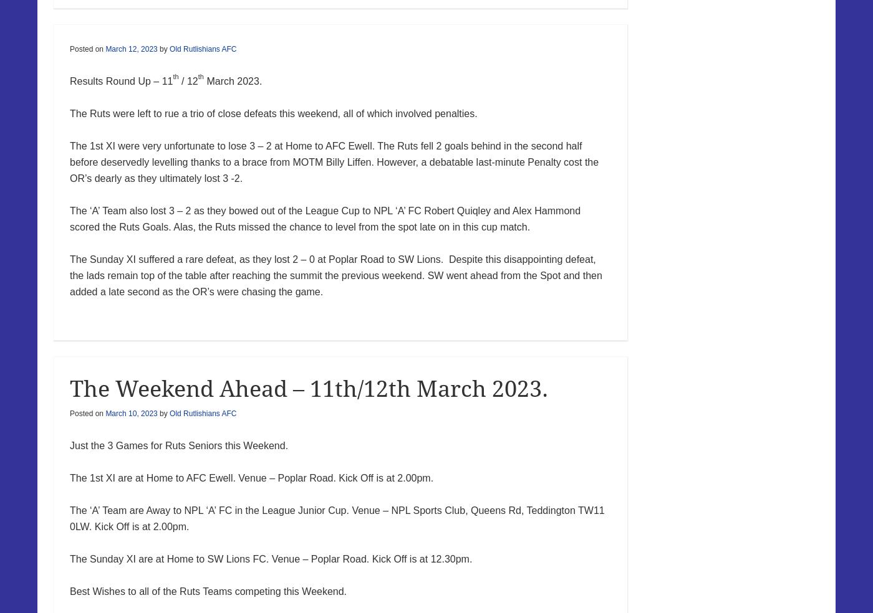 The image size is (873, 613). I want to click on 'Best Wishes to all of the Ruts Teams competing this Weekend.', so click(70, 591).